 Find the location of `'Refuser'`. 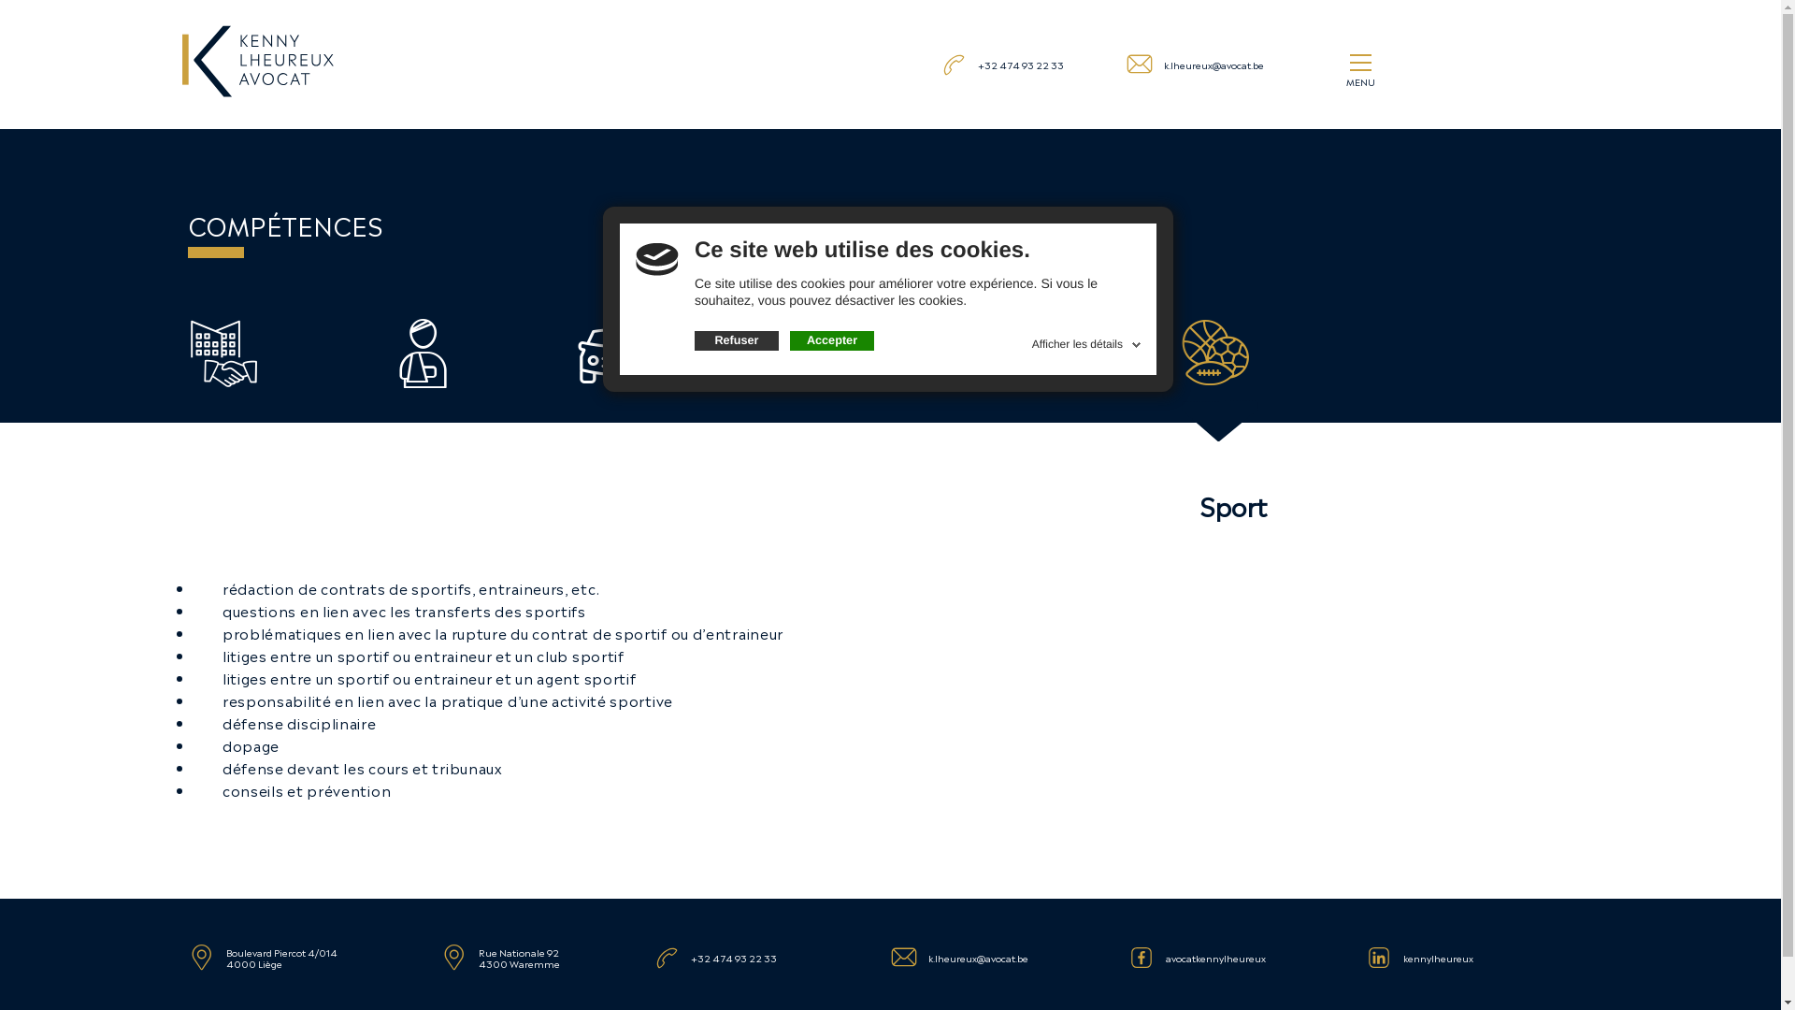

'Refuser' is located at coordinates (735, 341).